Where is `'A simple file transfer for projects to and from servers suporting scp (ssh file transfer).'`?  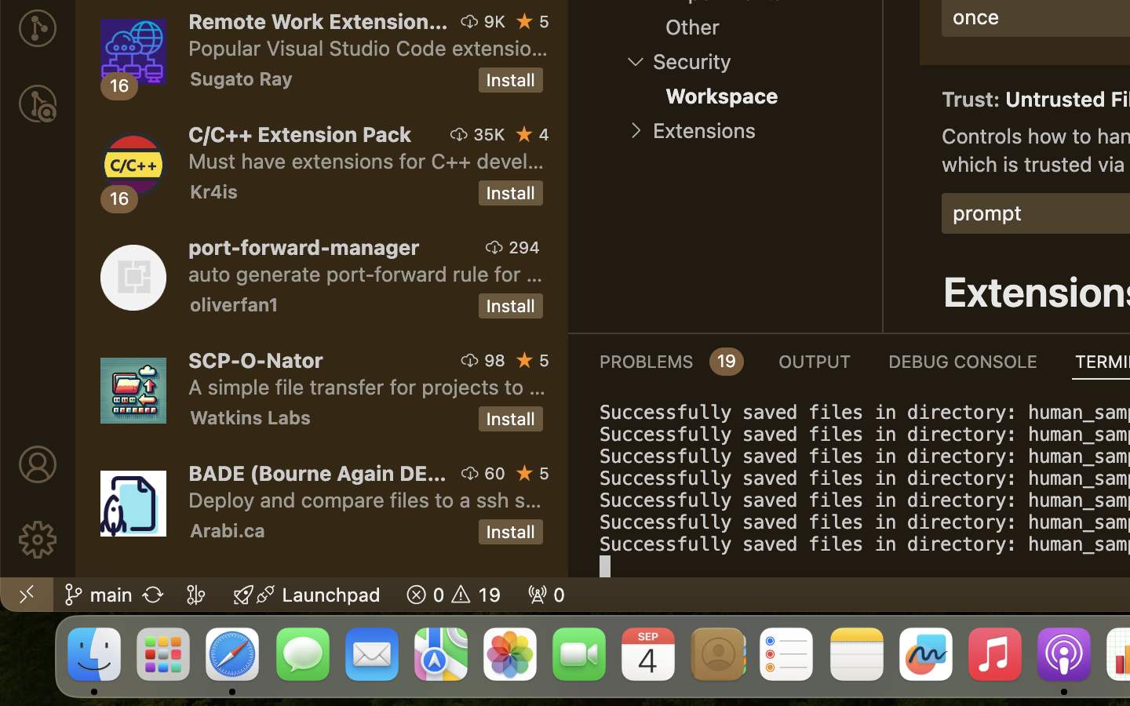 'A simple file transfer for projects to and from servers suporting scp (ssh file transfer).' is located at coordinates (367, 386).